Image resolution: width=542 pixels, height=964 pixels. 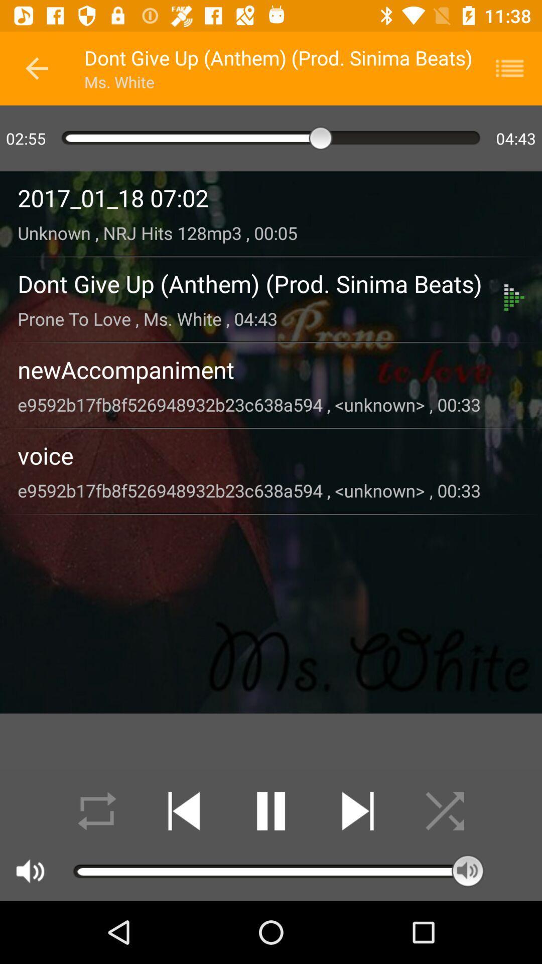 What do you see at coordinates (260, 318) in the screenshot?
I see `the icon below dont give up item` at bounding box center [260, 318].